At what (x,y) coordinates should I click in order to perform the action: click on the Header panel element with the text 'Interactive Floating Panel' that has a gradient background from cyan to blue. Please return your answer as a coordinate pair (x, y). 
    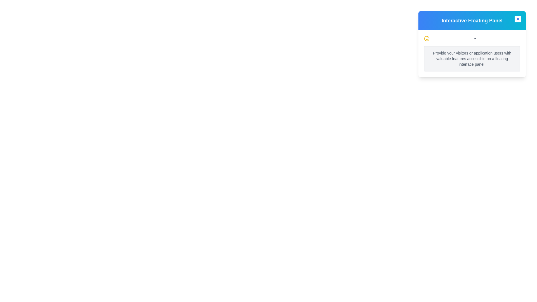
    Looking at the image, I should click on (472, 20).